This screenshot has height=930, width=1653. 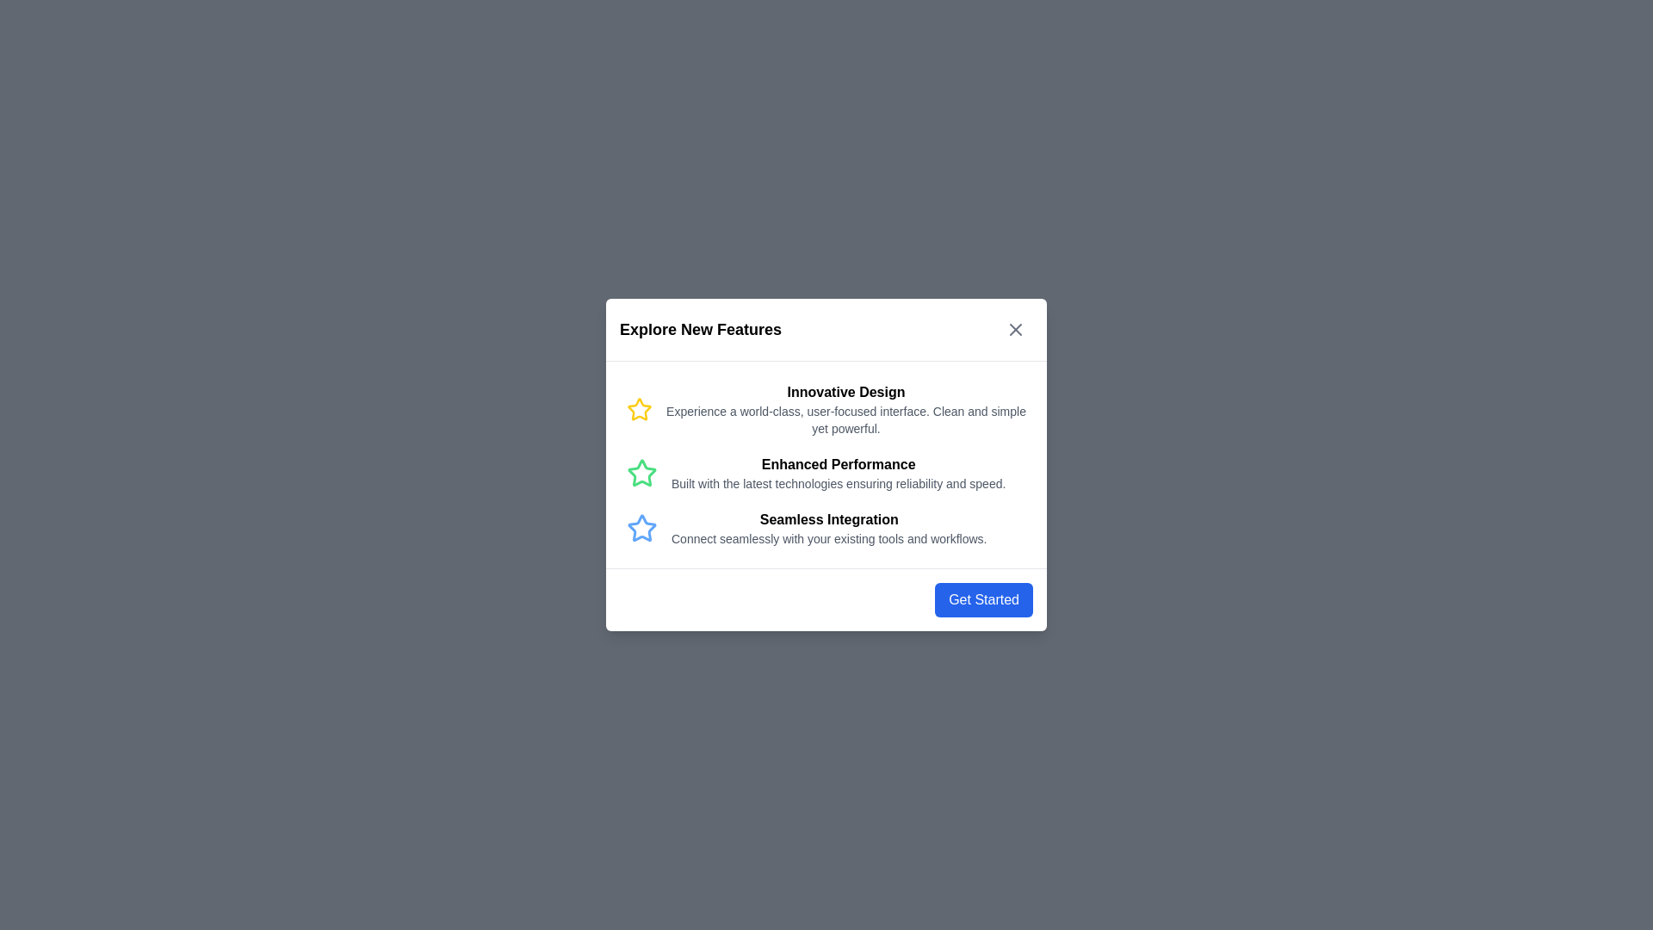 What do you see at coordinates (641, 474) in the screenshot?
I see `the star icon with a green outline, located to the left of the 'Enhanced Performance' text block, as part of the context` at bounding box center [641, 474].